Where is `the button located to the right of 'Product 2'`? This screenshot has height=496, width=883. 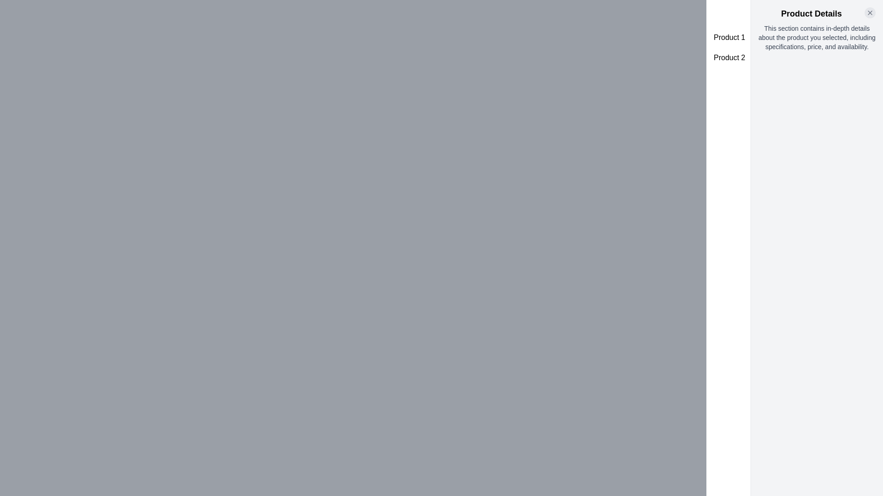 the button located to the right of 'Product 2' is located at coordinates (861, 58).